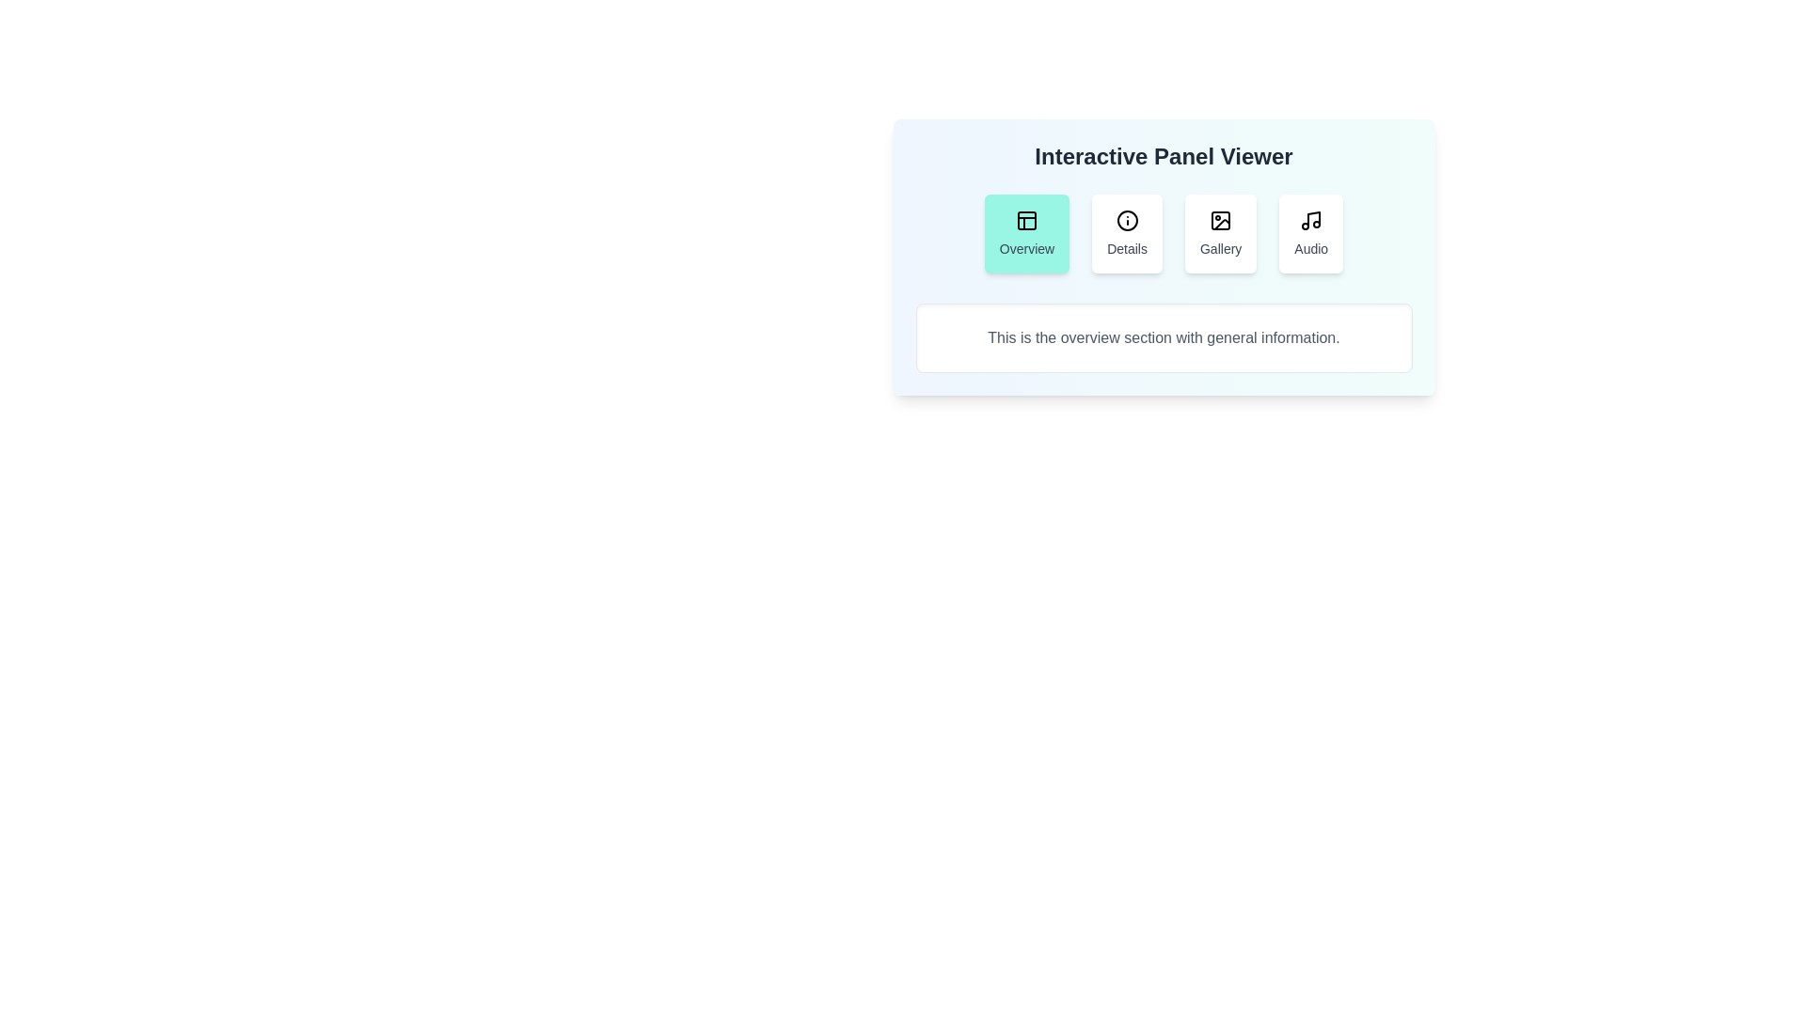 This screenshot has height=1015, width=1806. What do you see at coordinates (1026, 233) in the screenshot?
I see `the 'Overview' button, which is the first button in a horizontal row of buttons with a teal background and a black panel layout icon` at bounding box center [1026, 233].